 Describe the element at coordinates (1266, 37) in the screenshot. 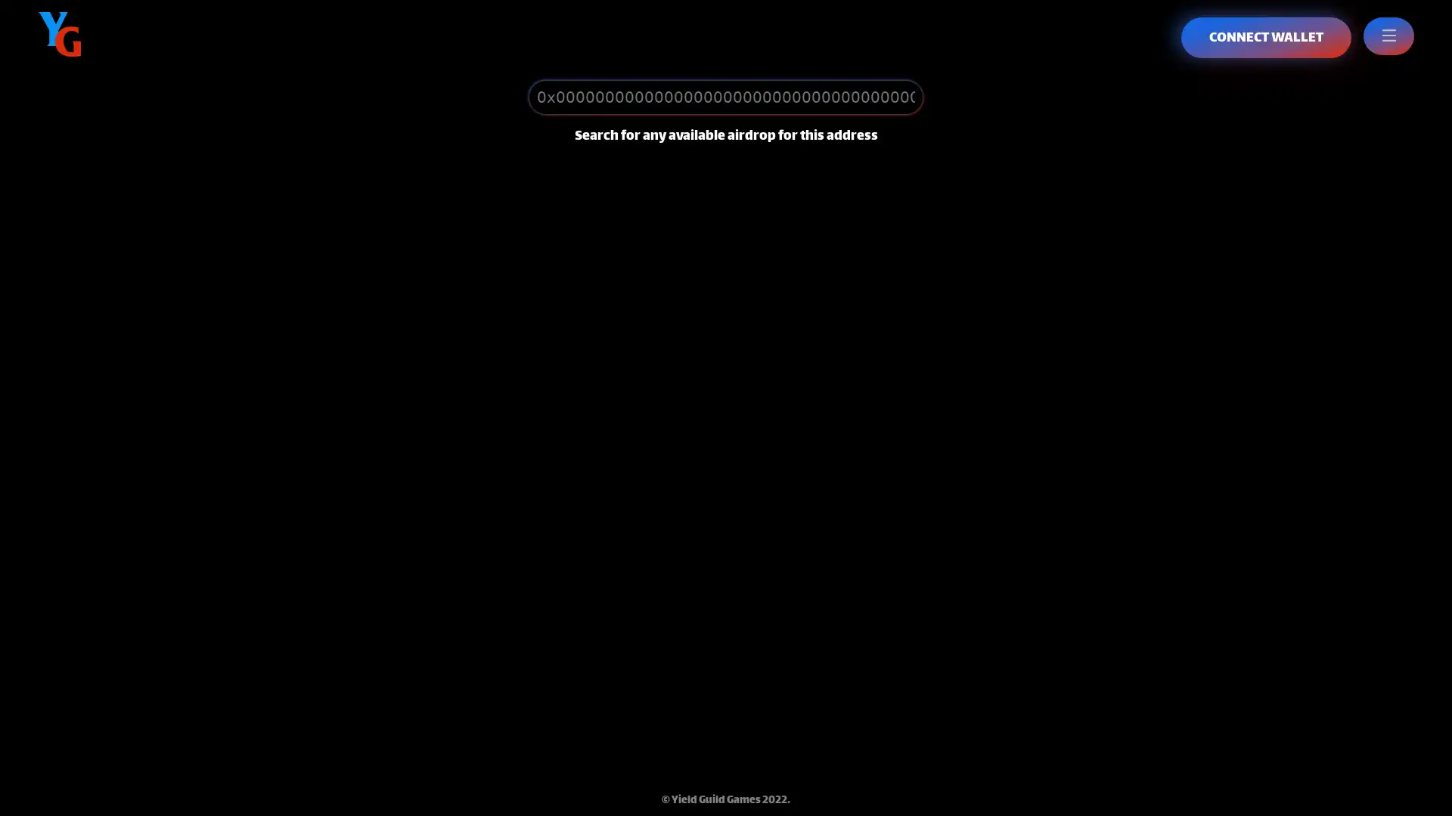

I see `CONNECT WALLET` at that location.